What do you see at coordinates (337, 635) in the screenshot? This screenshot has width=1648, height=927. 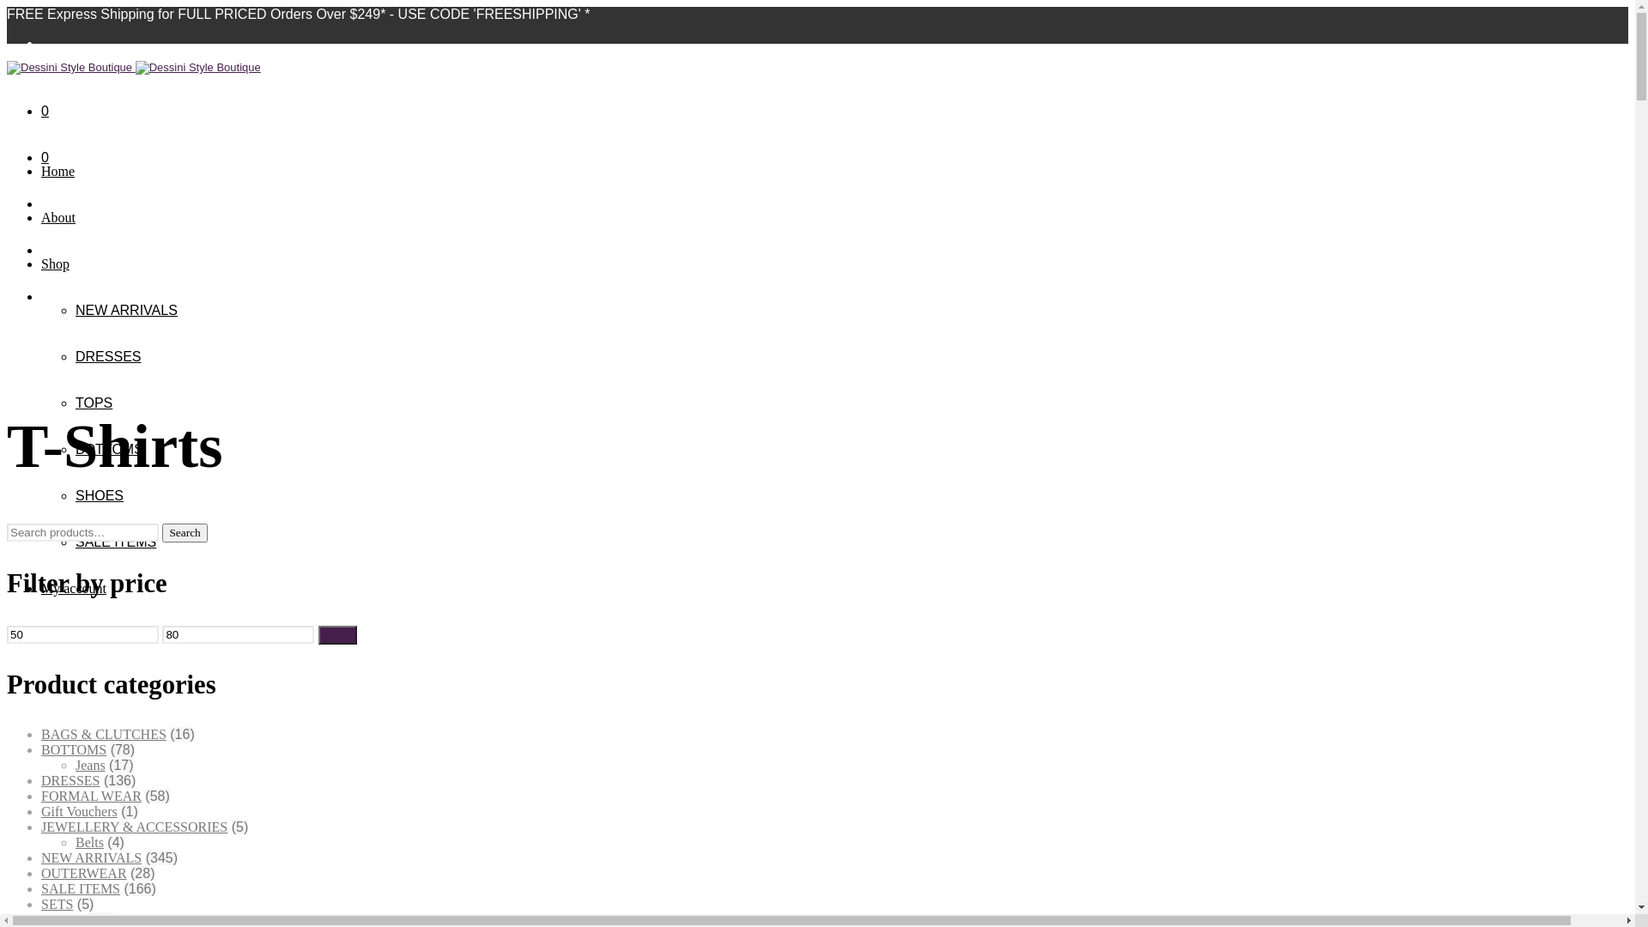 I see `'Filter'` at bounding box center [337, 635].